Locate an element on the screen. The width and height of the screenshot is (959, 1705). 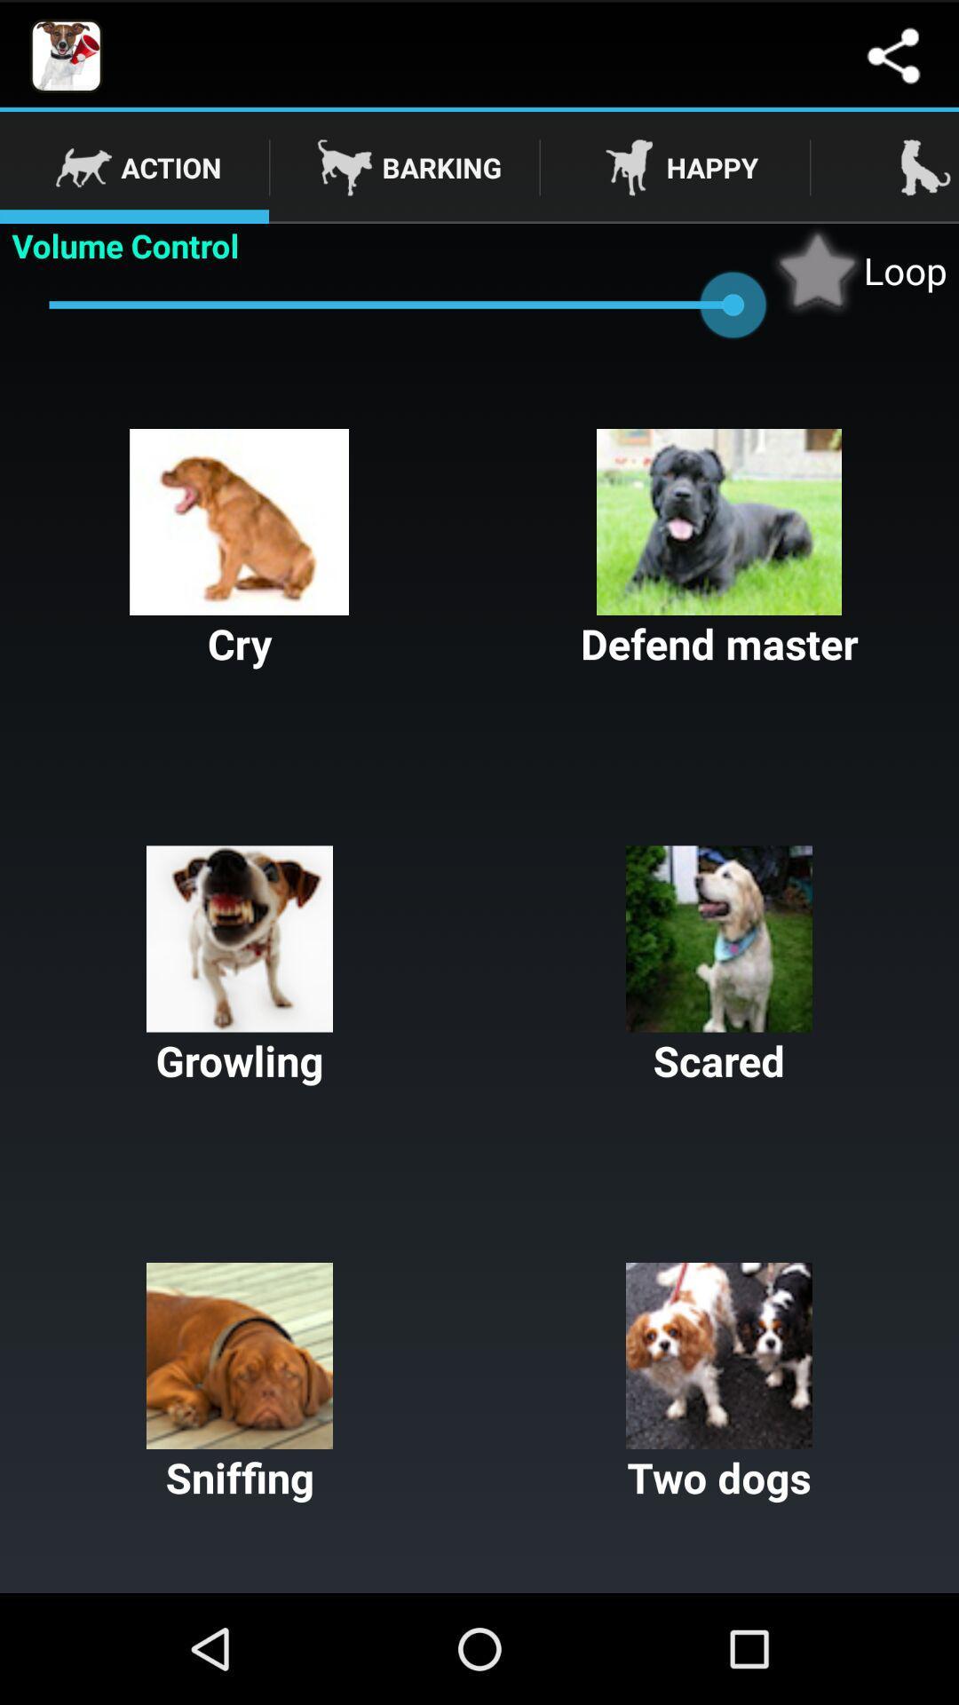
the sniffing is located at coordinates (240, 1383).